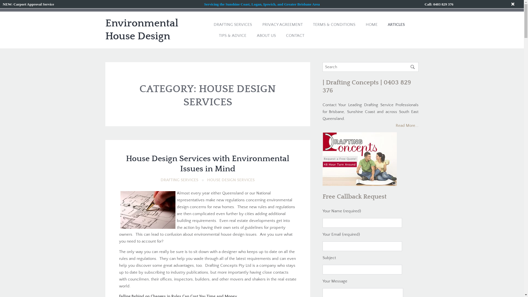 This screenshot has height=297, width=528. Describe the element at coordinates (120, 210) in the screenshot. I see `'276892_226738194015255_2110194_n'` at that location.